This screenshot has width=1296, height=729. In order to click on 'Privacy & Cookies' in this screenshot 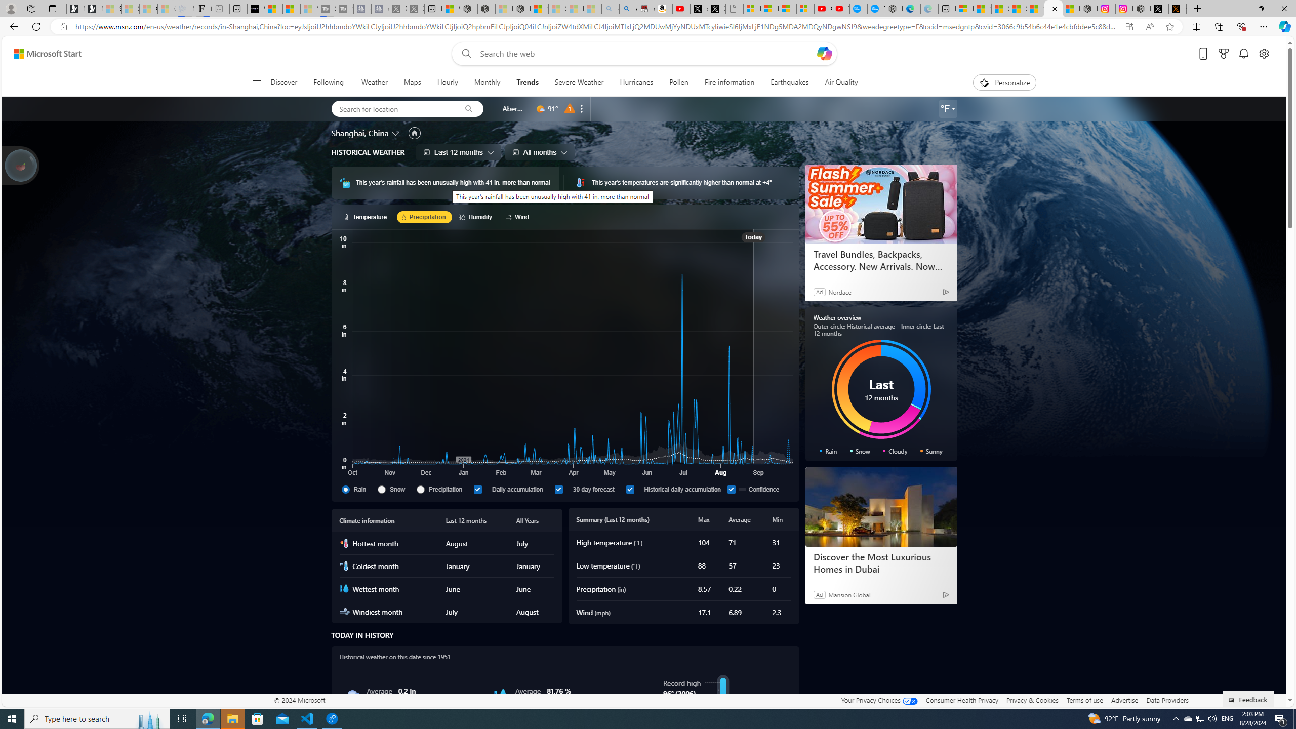, I will do `click(1032, 700)`.